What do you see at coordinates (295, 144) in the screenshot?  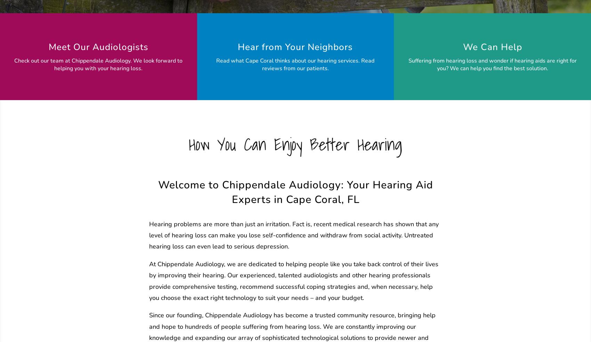 I see `'How You Can Enjoy Better Hearing'` at bounding box center [295, 144].